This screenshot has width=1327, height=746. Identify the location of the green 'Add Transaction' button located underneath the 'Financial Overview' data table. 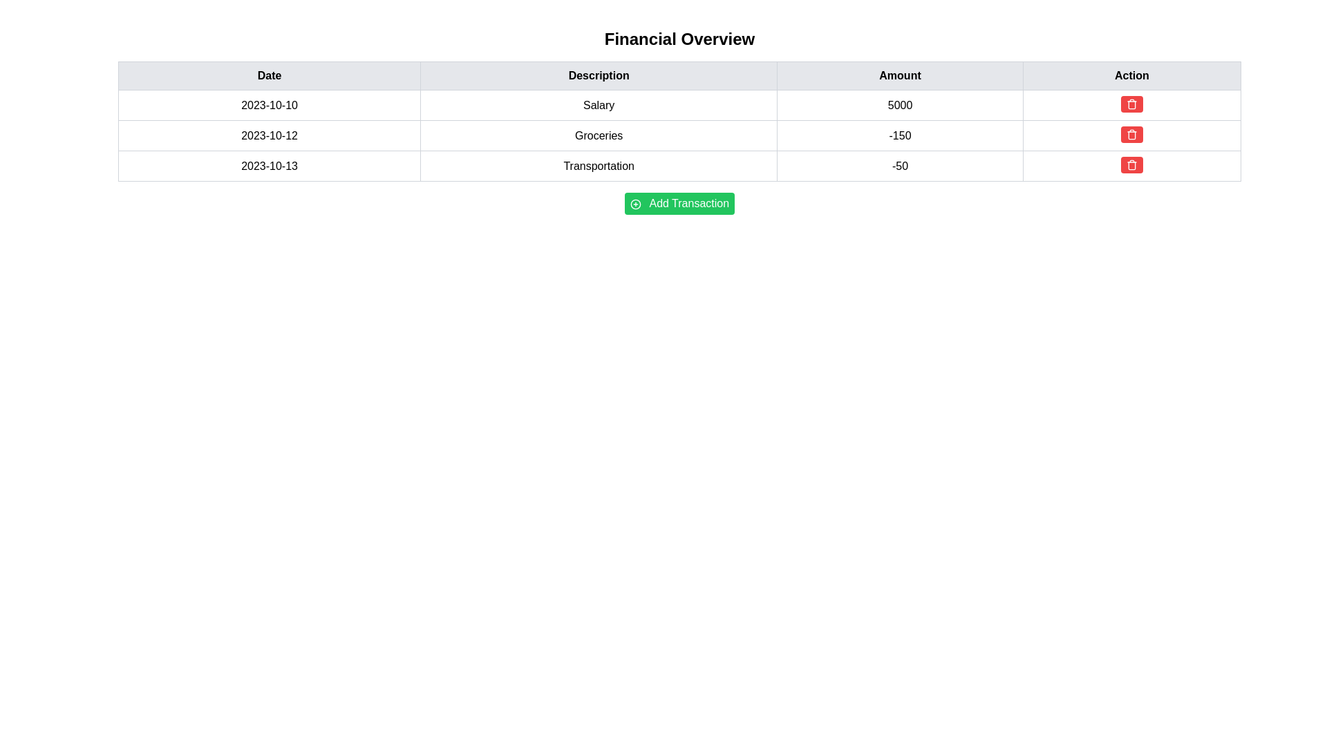
(679, 203).